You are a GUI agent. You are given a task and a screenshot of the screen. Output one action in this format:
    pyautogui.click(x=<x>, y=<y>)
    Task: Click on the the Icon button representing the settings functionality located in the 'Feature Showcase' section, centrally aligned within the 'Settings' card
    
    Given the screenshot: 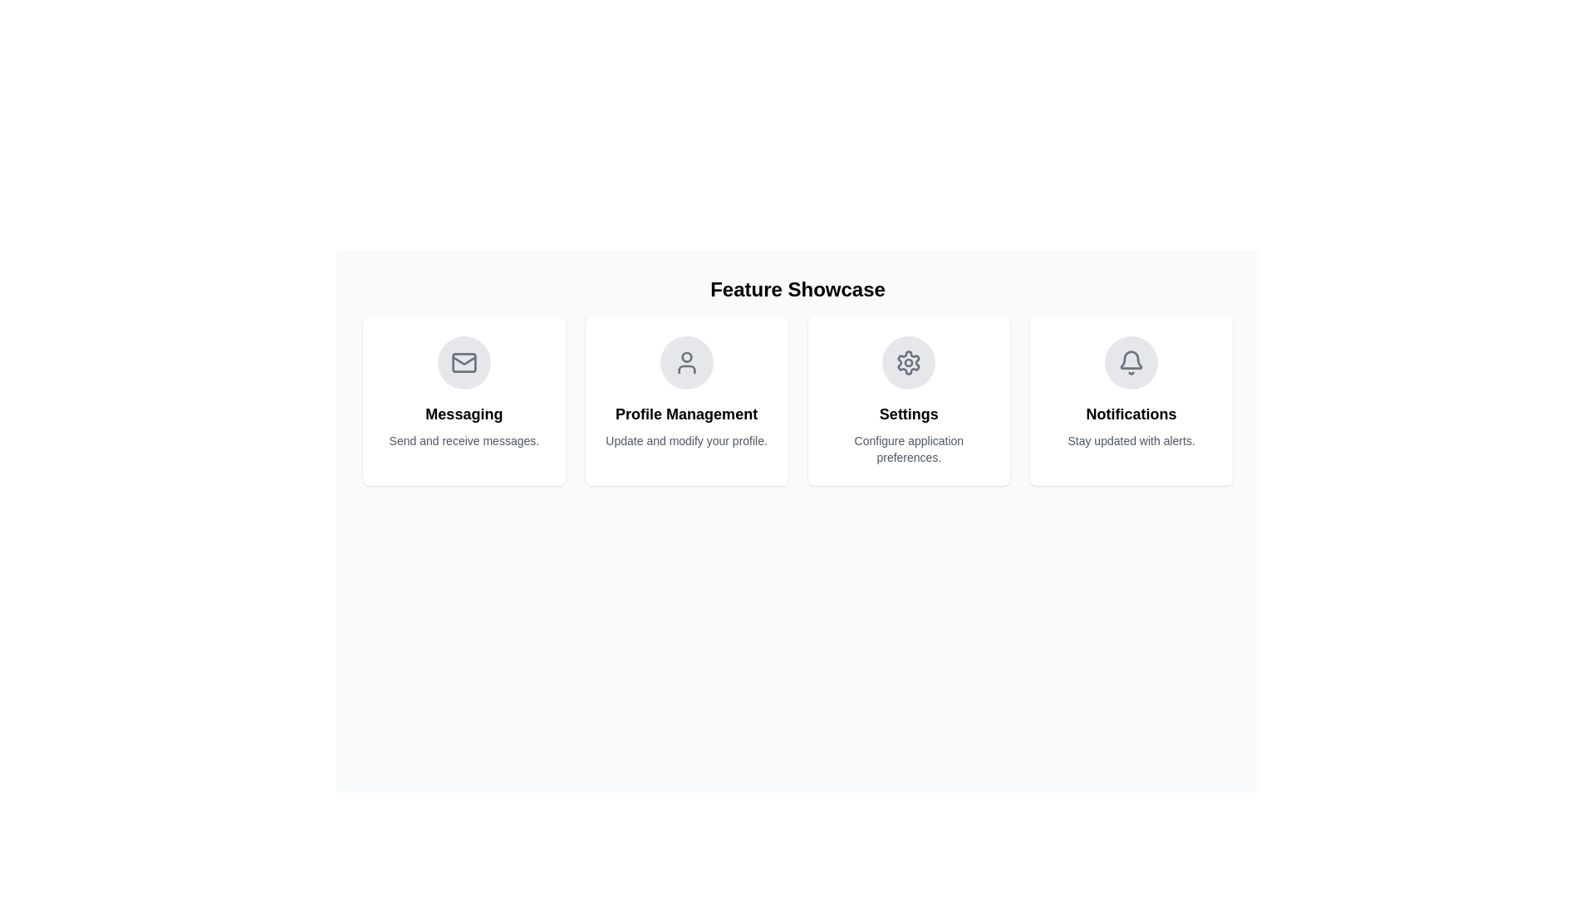 What is the action you would take?
    pyautogui.click(x=908, y=361)
    